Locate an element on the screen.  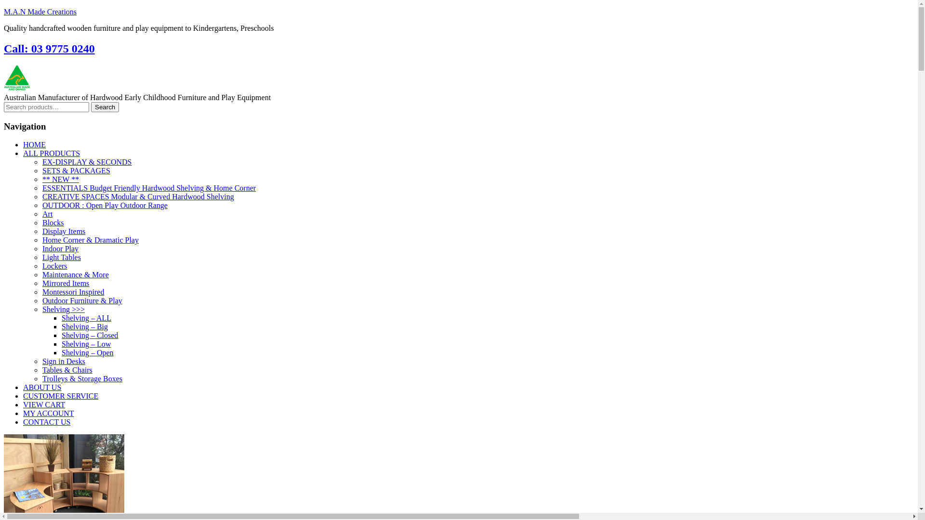
'Art' is located at coordinates (41, 213).